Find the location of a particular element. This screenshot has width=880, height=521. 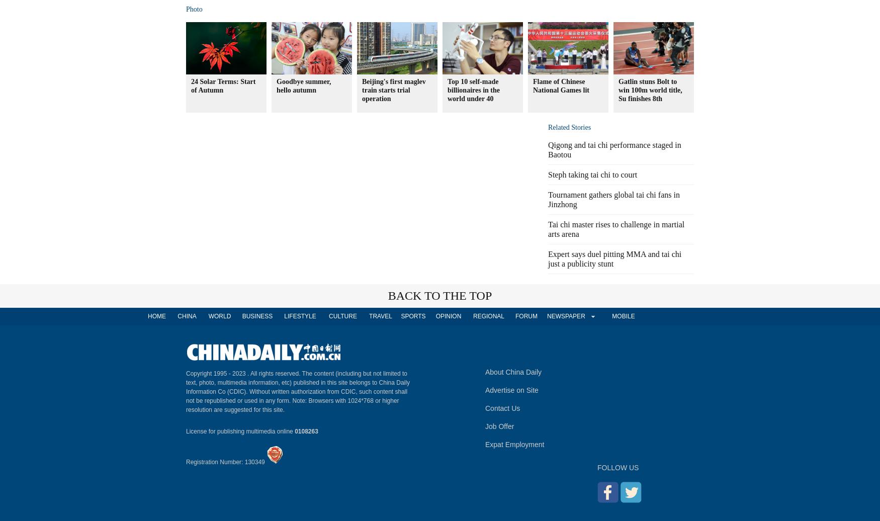

'WORLD' is located at coordinates (208, 316).